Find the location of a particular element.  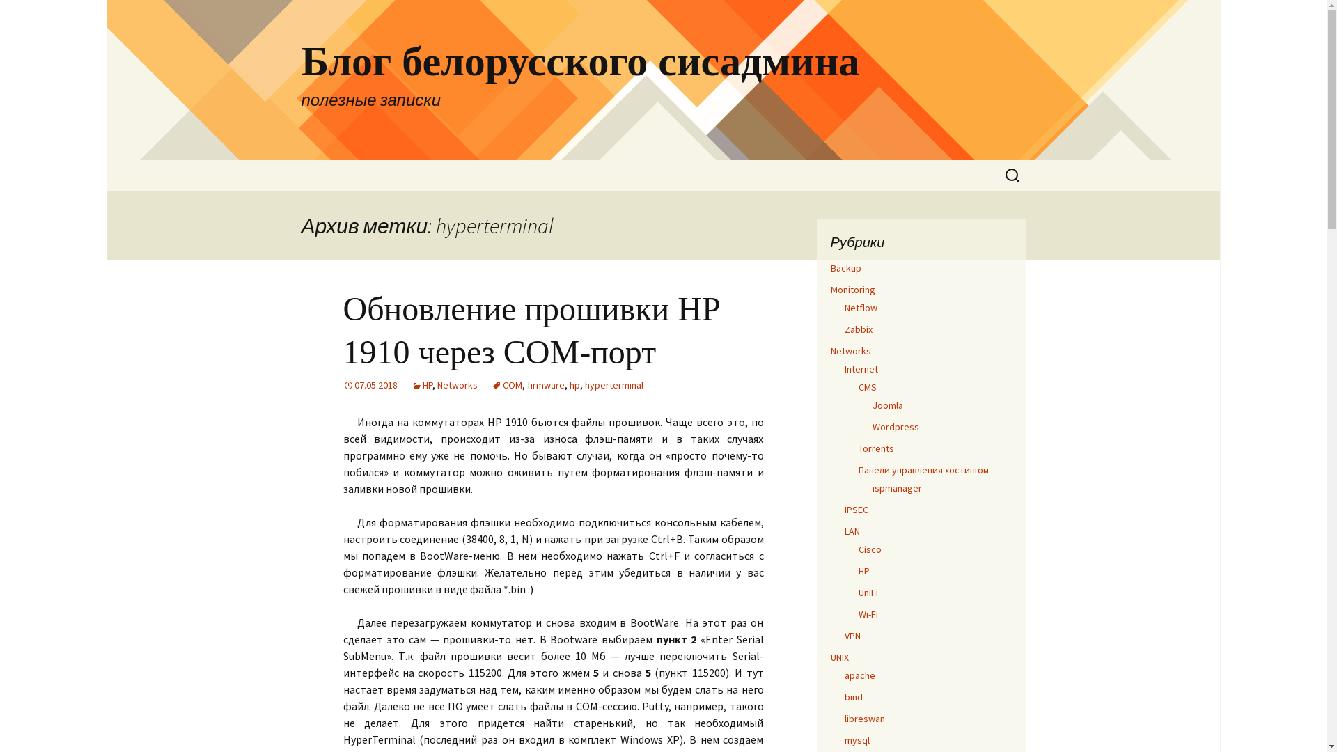

'UniFi' is located at coordinates (867, 593).